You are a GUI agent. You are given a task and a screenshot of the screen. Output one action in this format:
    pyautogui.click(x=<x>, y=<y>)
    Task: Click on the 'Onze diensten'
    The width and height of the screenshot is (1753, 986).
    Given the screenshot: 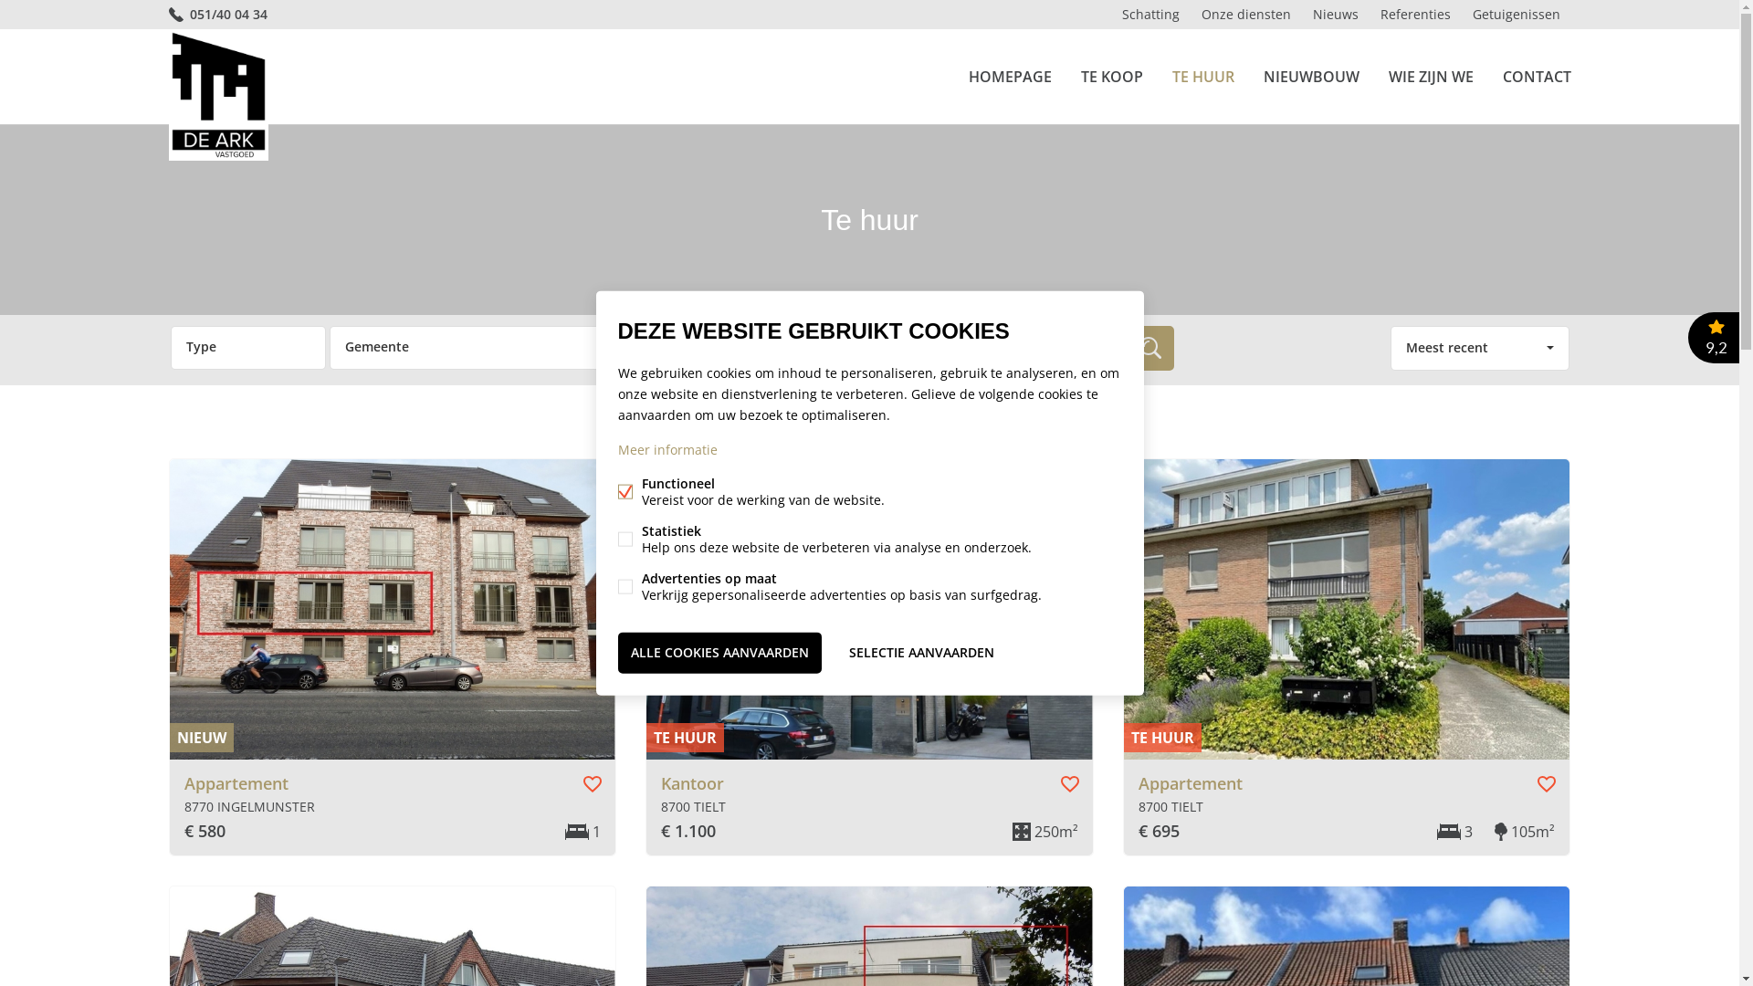 What is the action you would take?
    pyautogui.click(x=1244, y=14)
    